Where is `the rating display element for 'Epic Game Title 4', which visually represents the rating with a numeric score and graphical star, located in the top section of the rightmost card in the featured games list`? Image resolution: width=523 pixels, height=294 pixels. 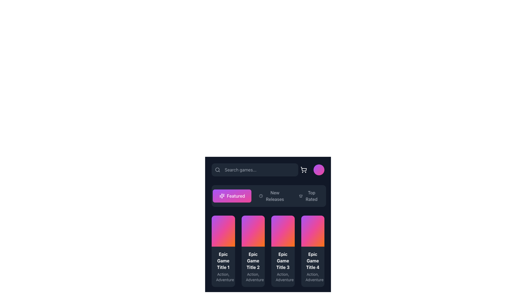 the rating display element for 'Epic Game Title 4', which visually represents the rating with a numeric score and graphical star, located in the top section of the rightmost card in the featured games list is located at coordinates (313, 225).